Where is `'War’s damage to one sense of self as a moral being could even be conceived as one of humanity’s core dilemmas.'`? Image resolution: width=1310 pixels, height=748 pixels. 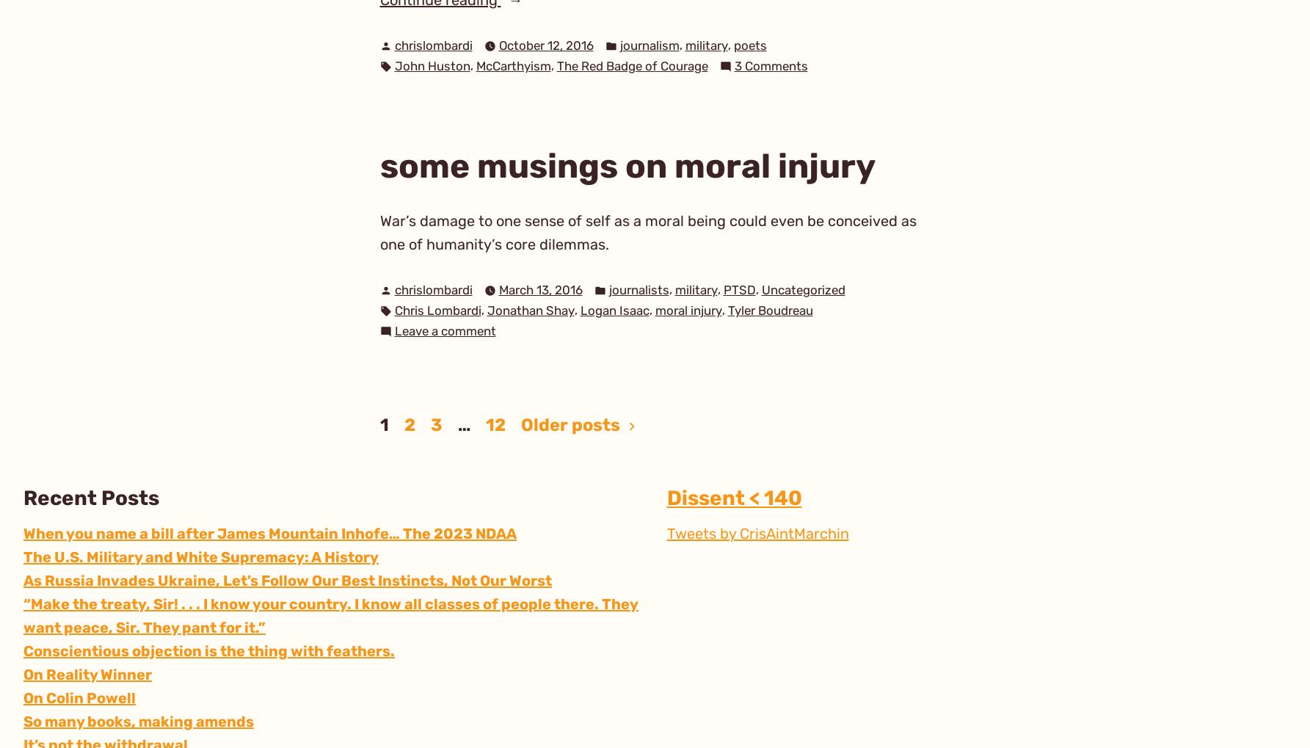
'War’s damage to one sense of self as a moral being could even be conceived as one of humanity’s core dilemmas.' is located at coordinates (647, 230).